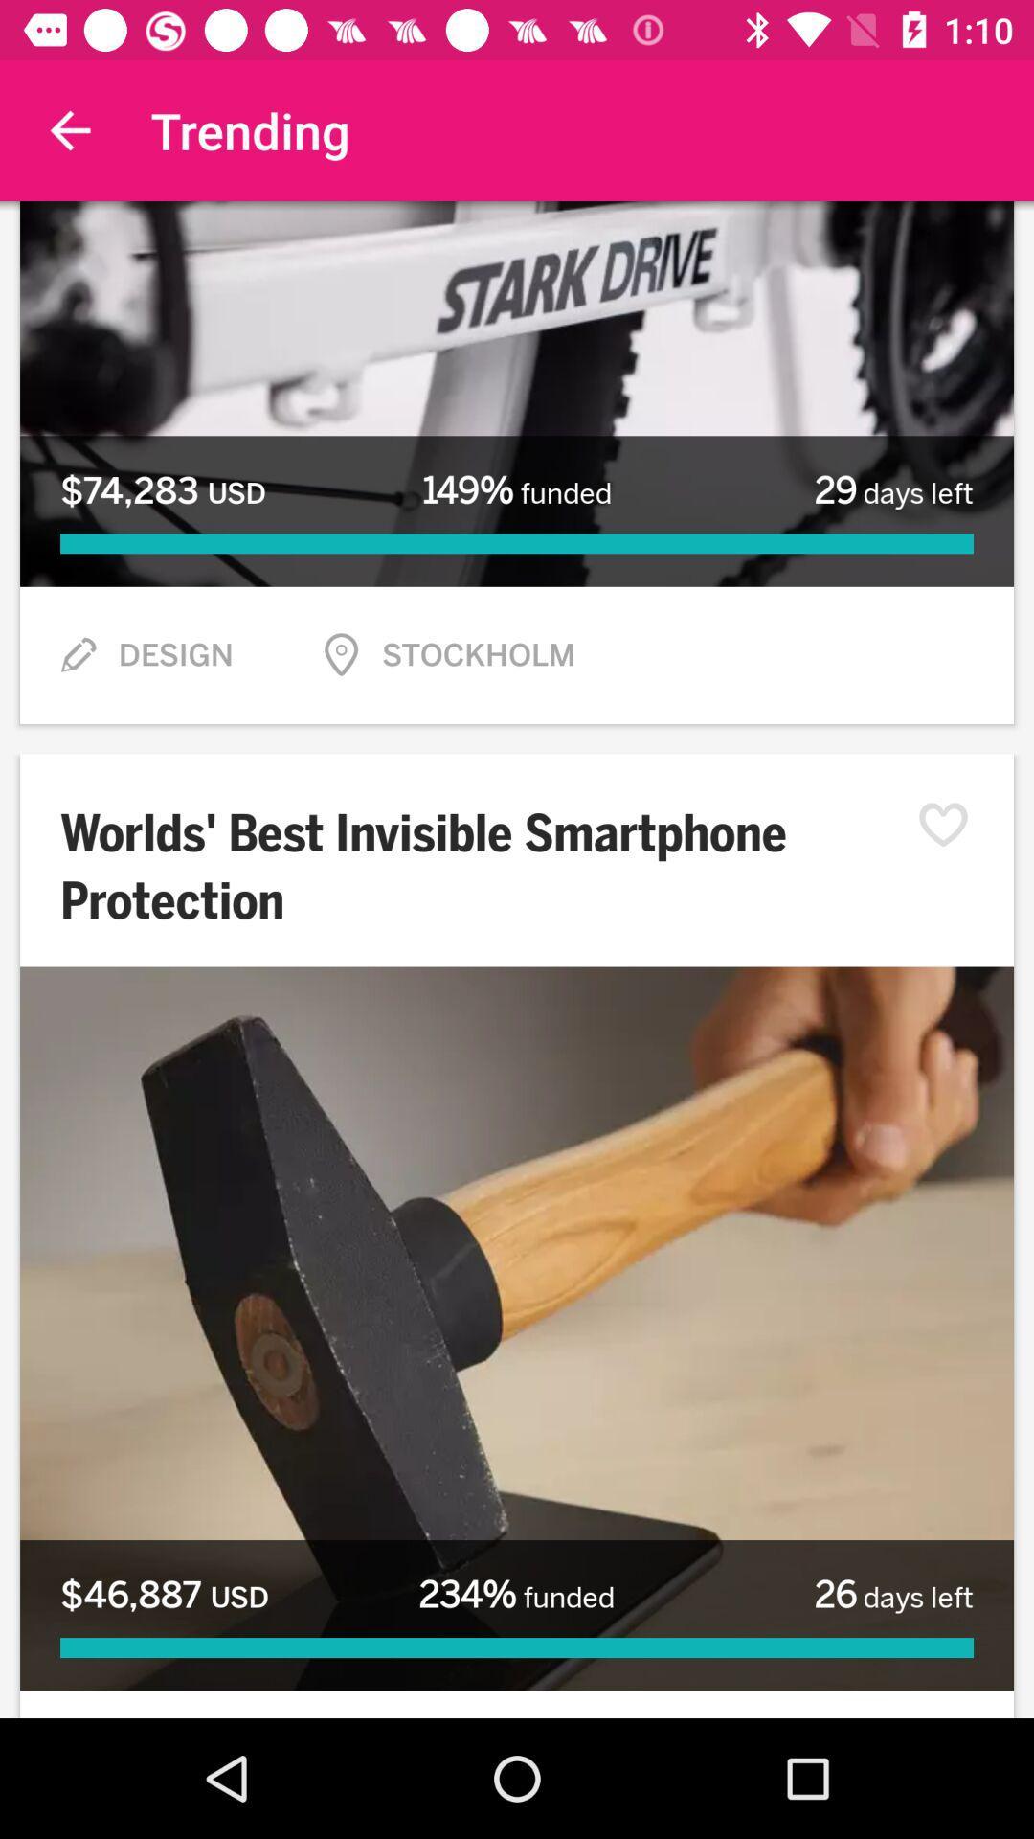 The width and height of the screenshot is (1034, 1839). I want to click on the $46,887 usd, so click(163, 1595).